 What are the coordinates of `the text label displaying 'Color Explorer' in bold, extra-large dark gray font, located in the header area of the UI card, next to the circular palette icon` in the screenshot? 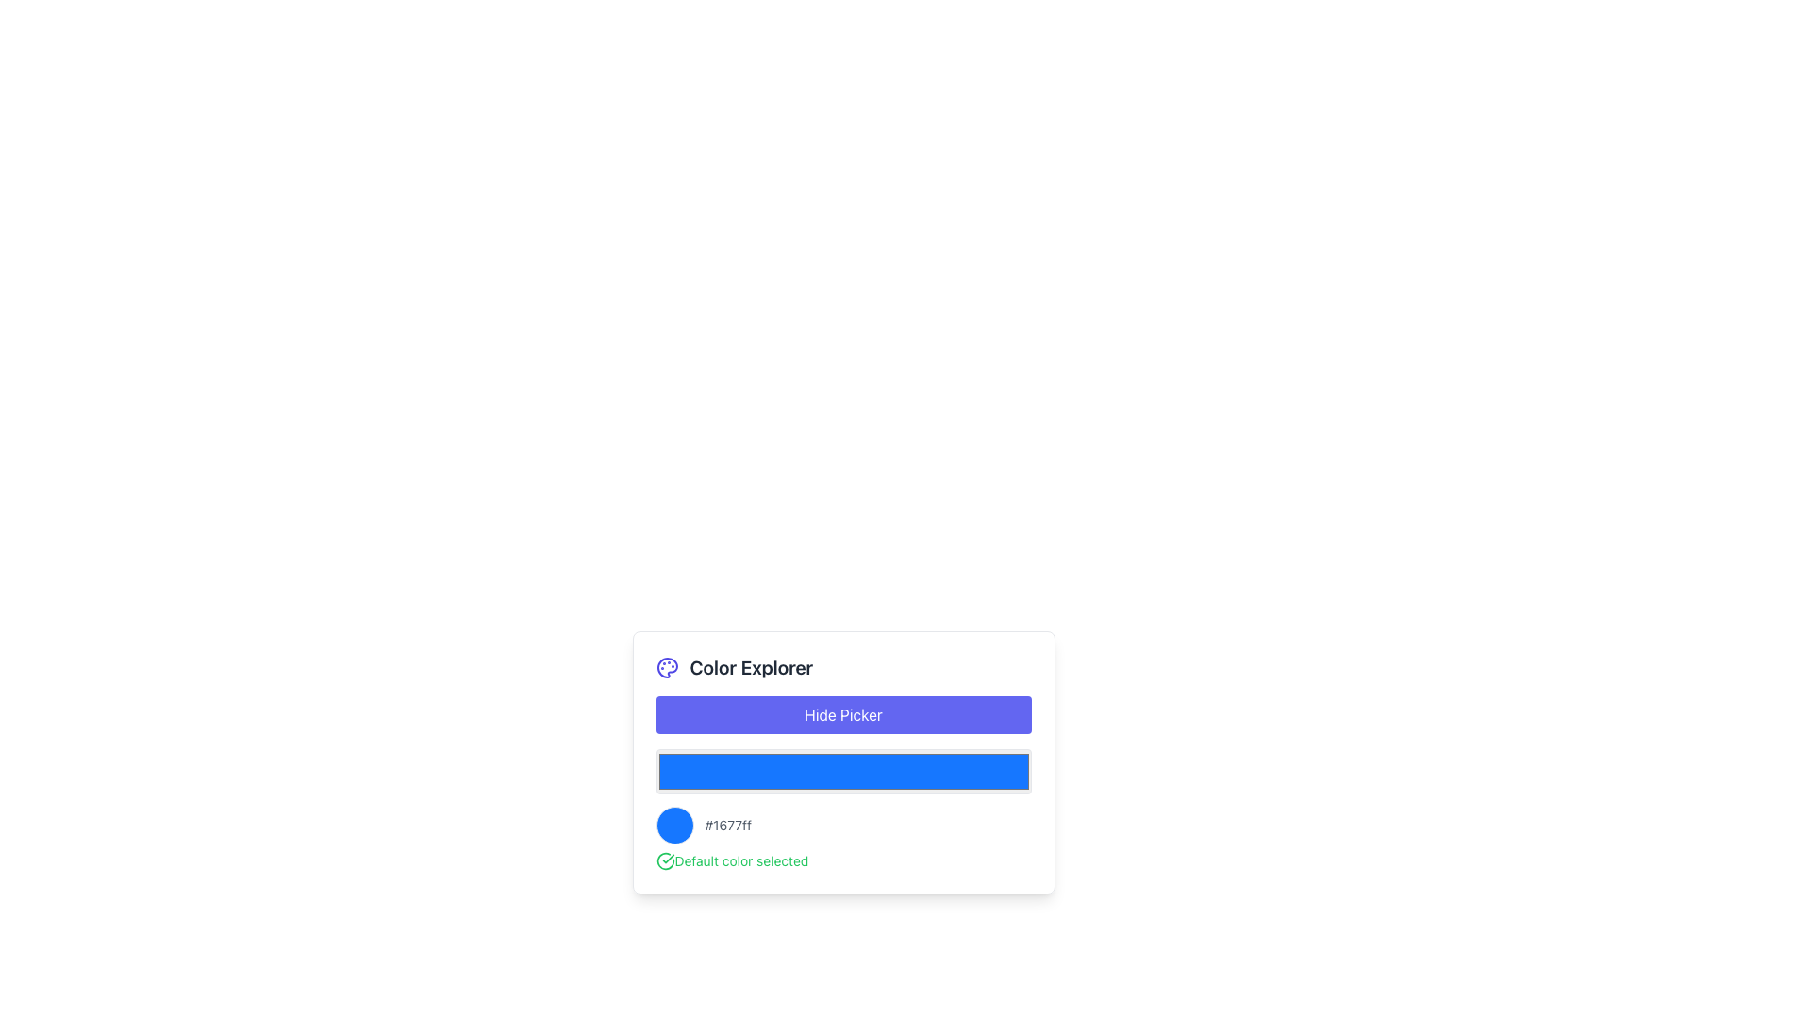 It's located at (750, 667).